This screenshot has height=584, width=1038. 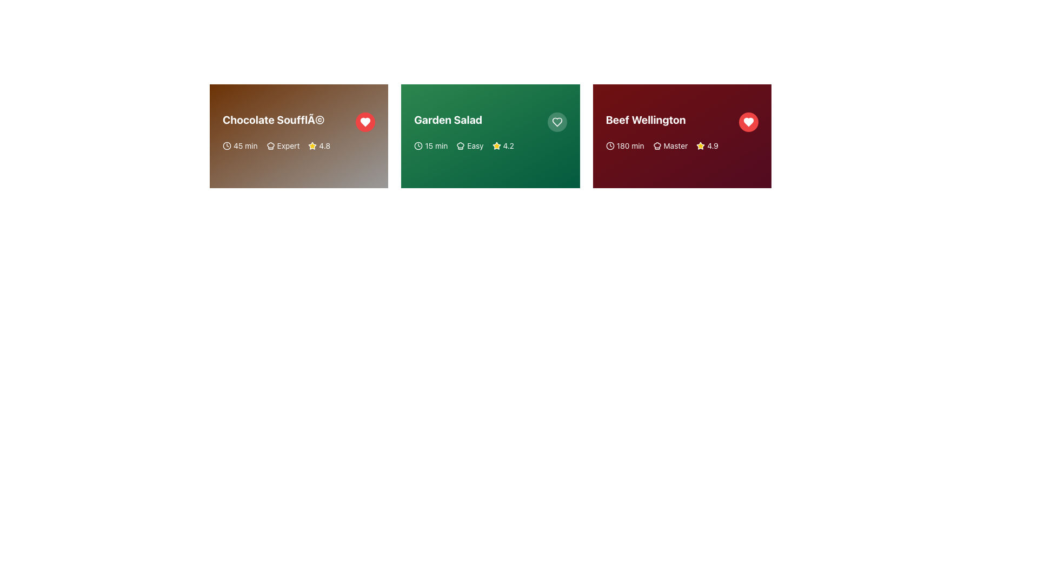 I want to click on the text label indicating the numerical rating for the 'Beef Wellington' card, located at the bottom right corner, immediately after the yellow star icon, so click(x=713, y=146).